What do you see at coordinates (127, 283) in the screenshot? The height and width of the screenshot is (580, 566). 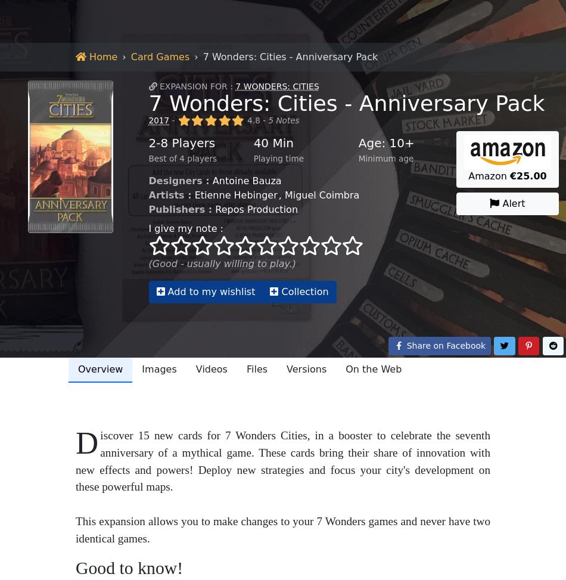 I see `'23:47'` at bounding box center [127, 283].